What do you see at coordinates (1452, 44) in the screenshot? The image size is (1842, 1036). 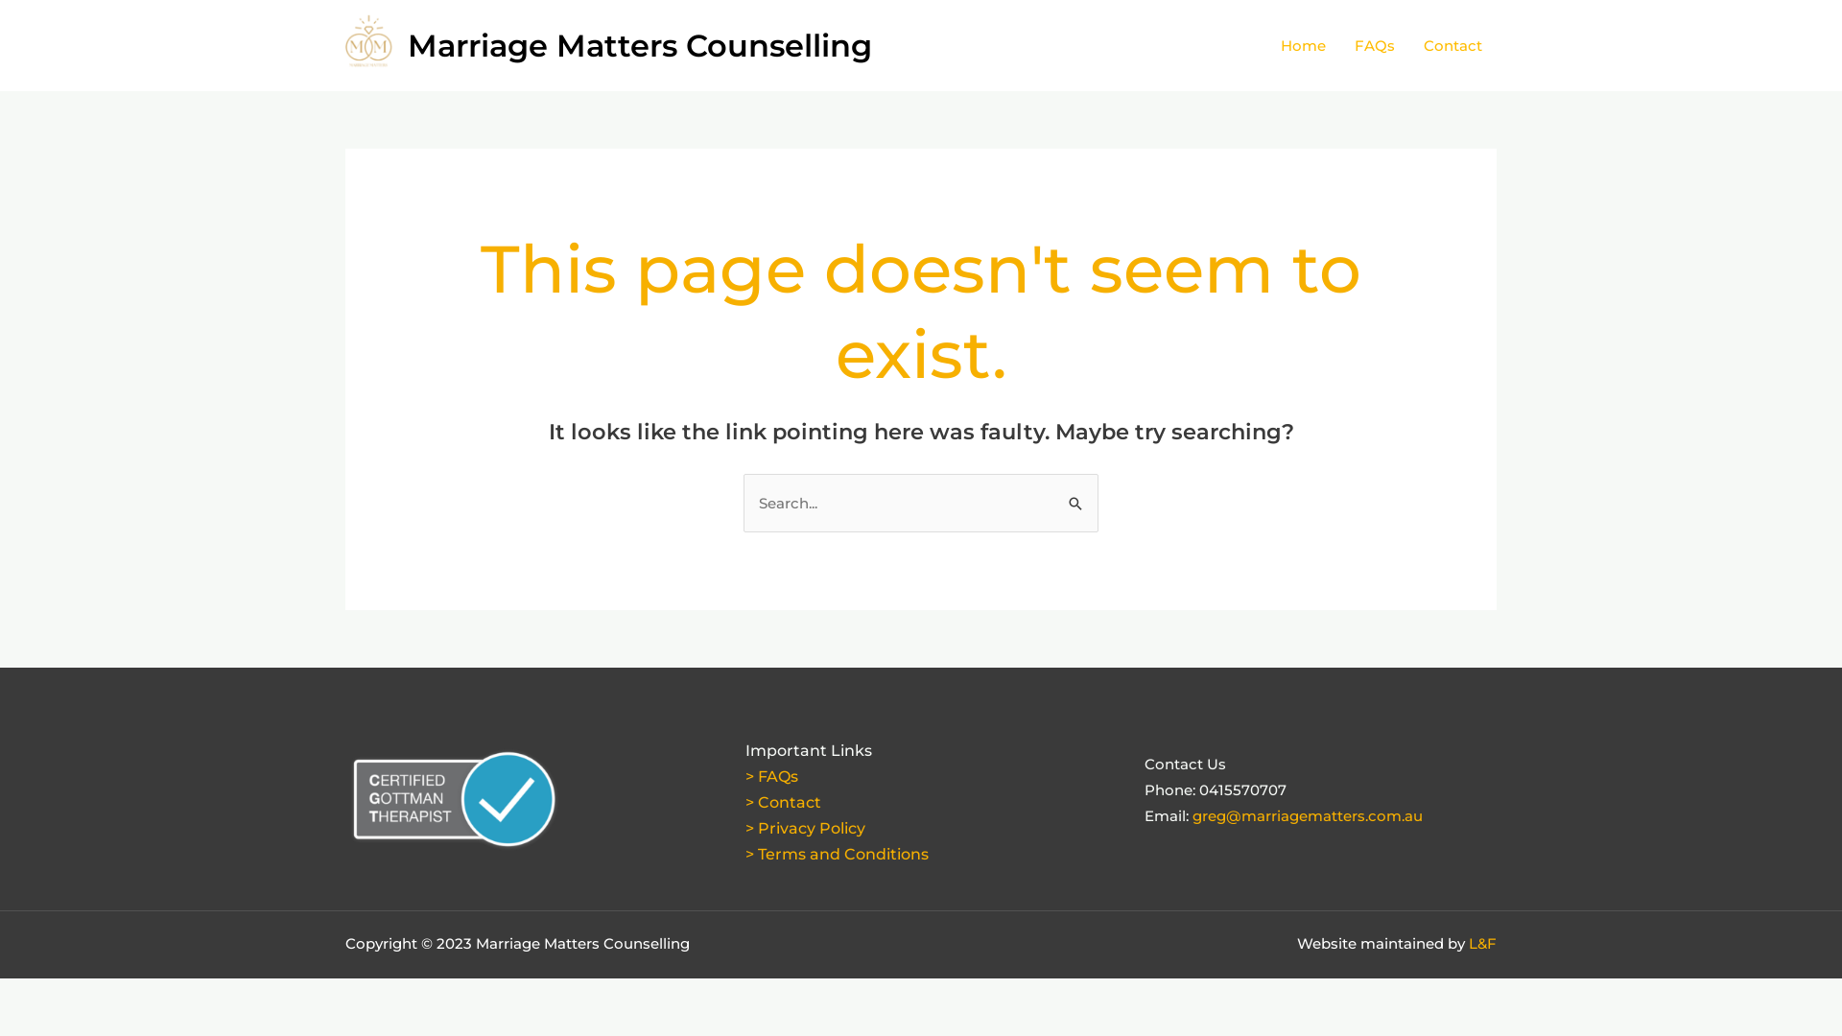 I see `'Contact'` at bounding box center [1452, 44].